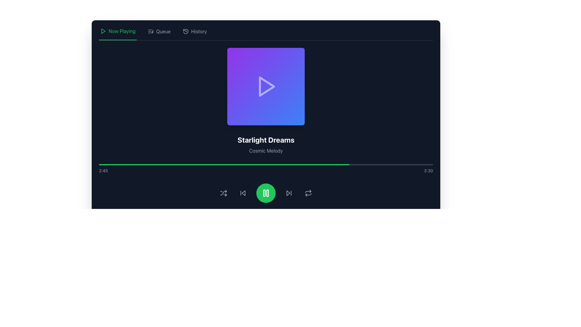  What do you see at coordinates (409, 164) in the screenshot?
I see `the progress bar` at bounding box center [409, 164].